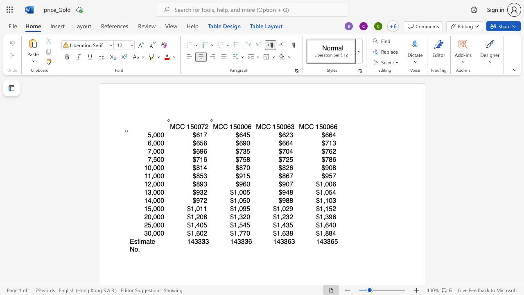 The height and width of the screenshot is (295, 524). I want to click on the space between the continuous character "C" and "C" in the text, so click(223, 127).